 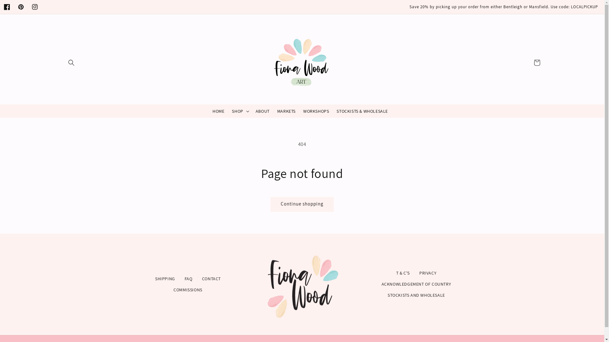 What do you see at coordinates (302, 204) in the screenshot?
I see `'Continue shopping'` at bounding box center [302, 204].